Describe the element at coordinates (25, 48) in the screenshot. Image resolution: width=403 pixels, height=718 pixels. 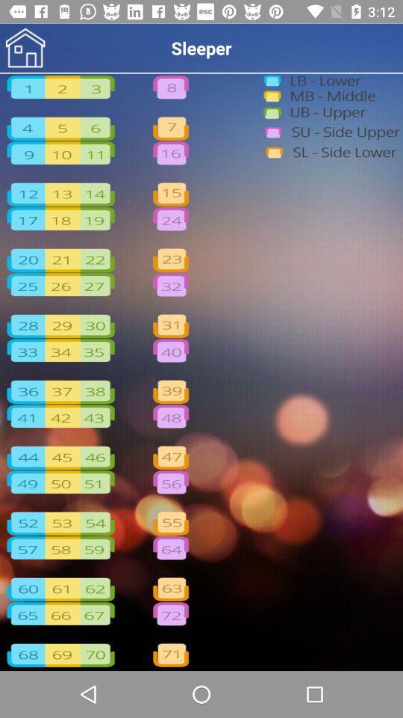
I see `homepage` at that location.